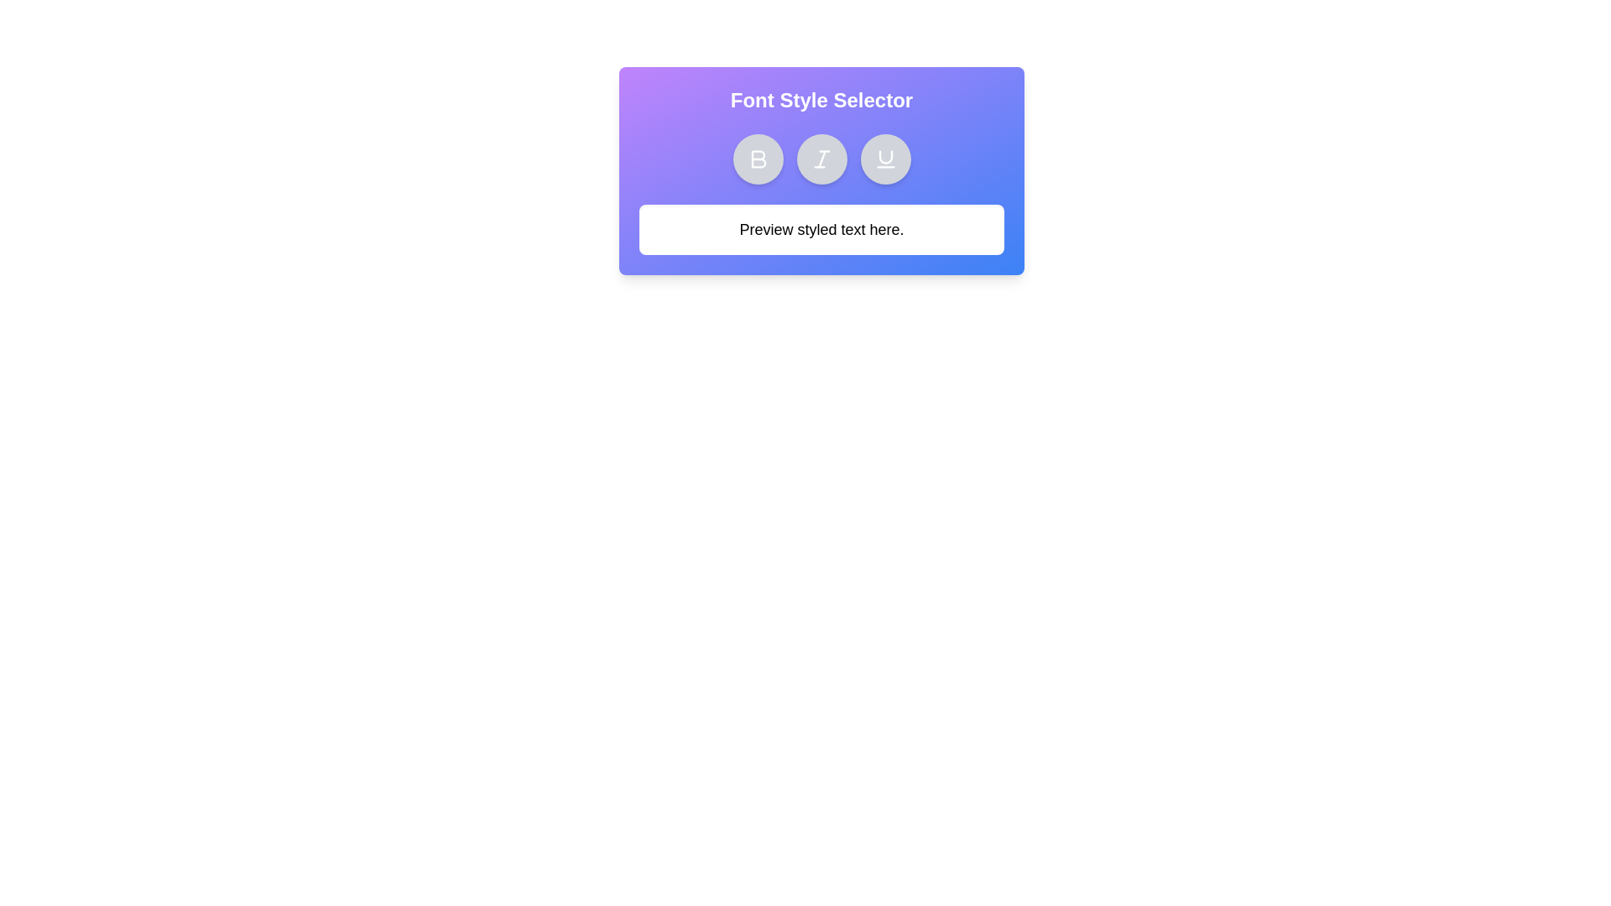 The image size is (1611, 906). What do you see at coordinates (757, 159) in the screenshot?
I see `the left button to toggle the bold font style` at bounding box center [757, 159].